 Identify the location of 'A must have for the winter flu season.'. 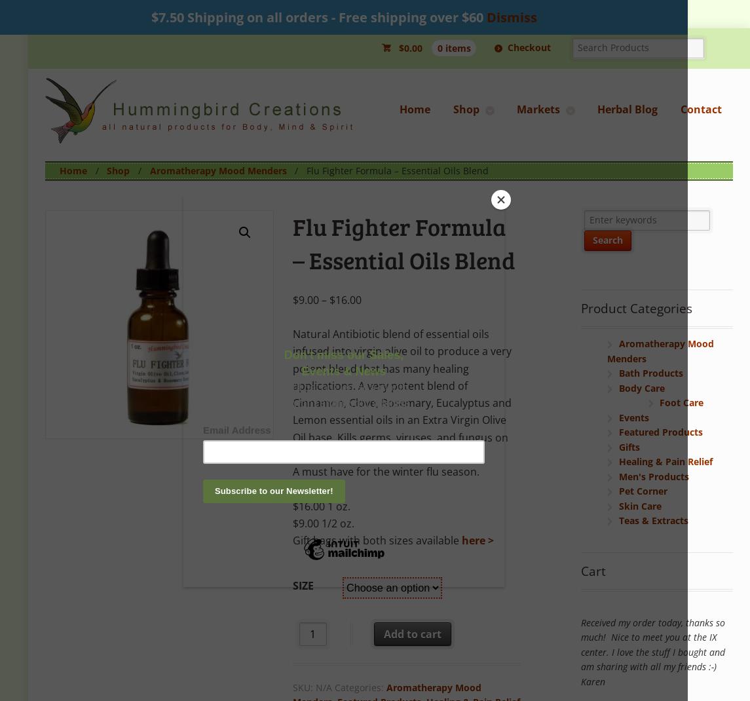
(384, 471).